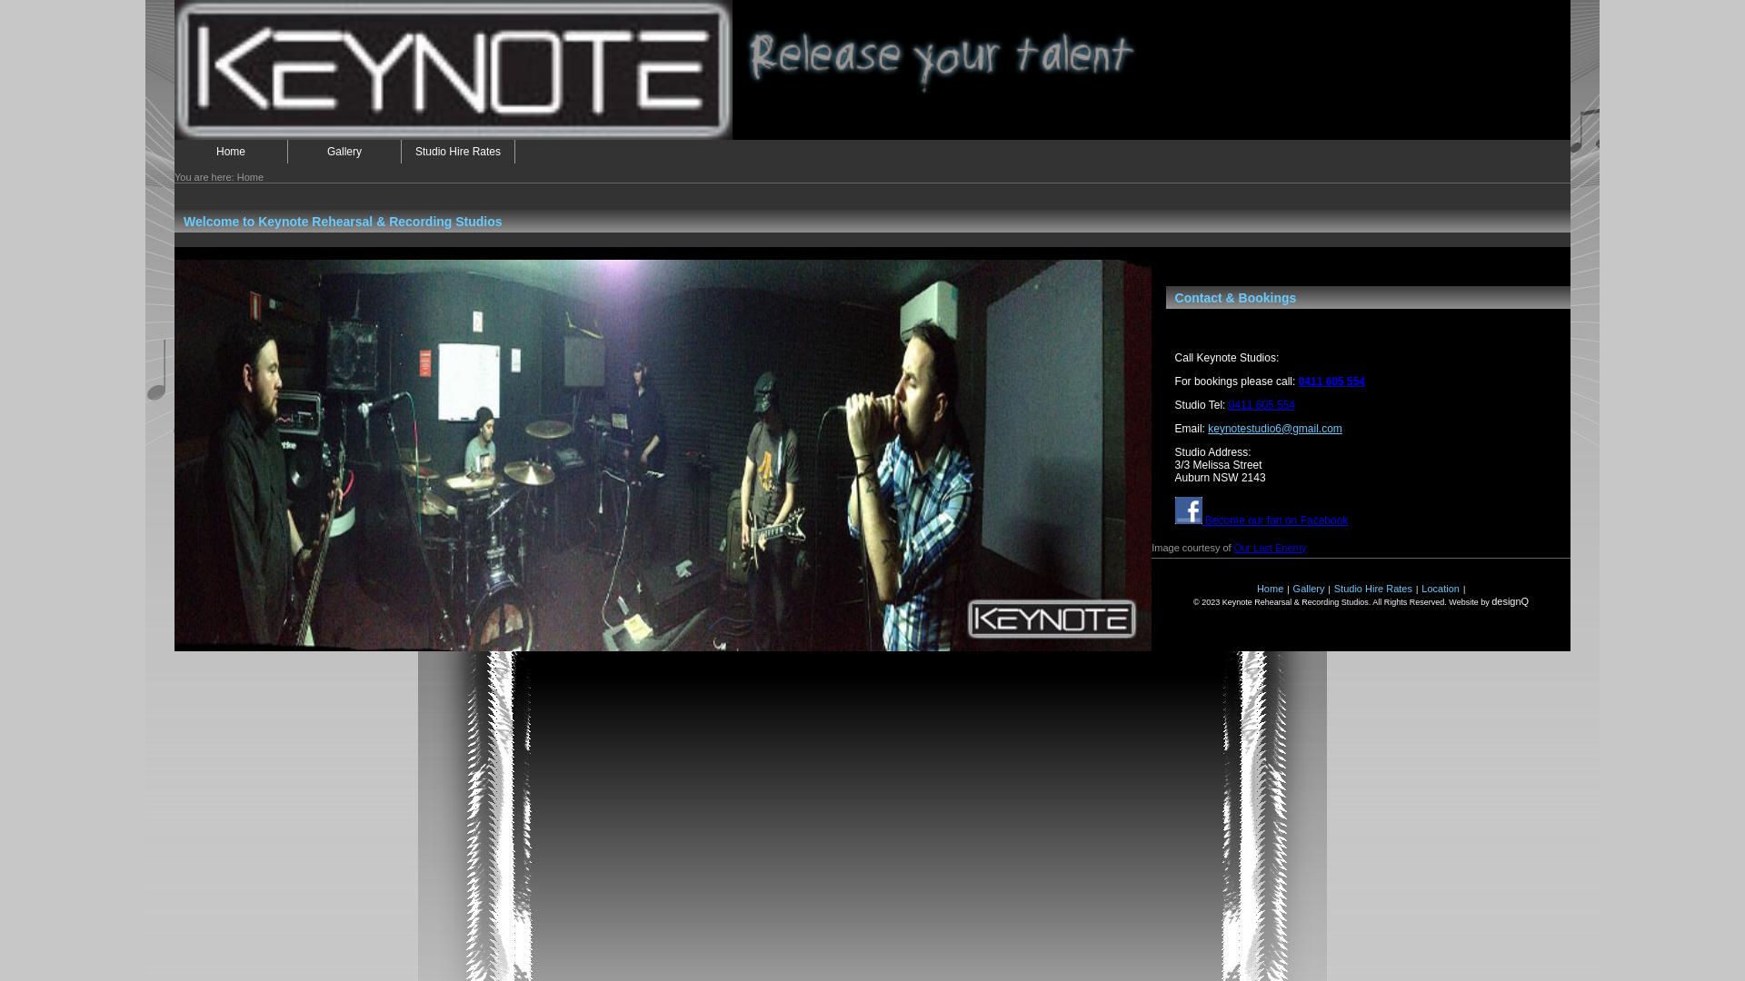 Image resolution: width=1745 pixels, height=981 pixels. Describe the element at coordinates (1309, 589) in the screenshot. I see `'Gallery'` at that location.